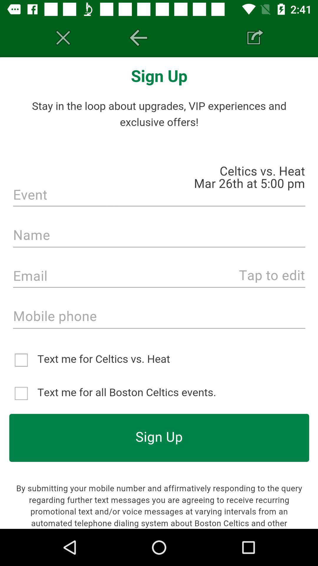  Describe the element at coordinates (138, 37) in the screenshot. I see `the arrow_backward icon` at that location.